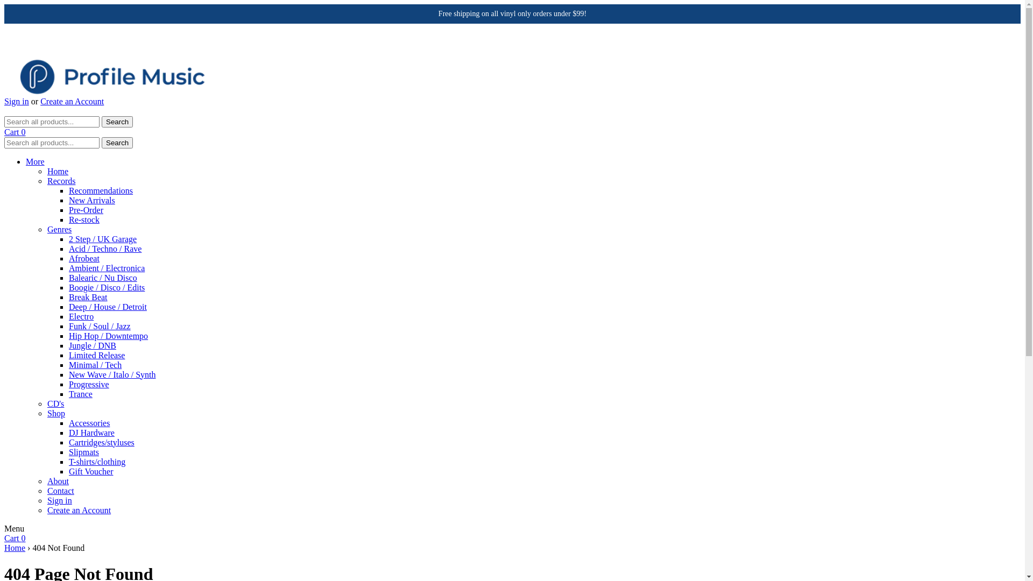  What do you see at coordinates (108, 307) in the screenshot?
I see `'Deep / House / Detroit'` at bounding box center [108, 307].